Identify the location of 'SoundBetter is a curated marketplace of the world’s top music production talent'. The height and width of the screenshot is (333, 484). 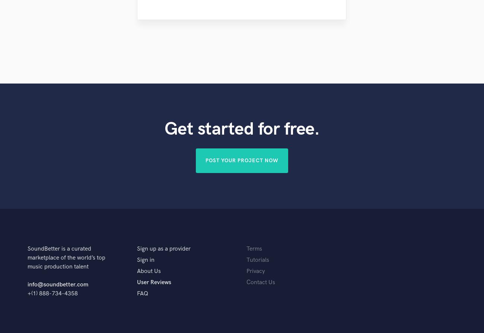
(66, 258).